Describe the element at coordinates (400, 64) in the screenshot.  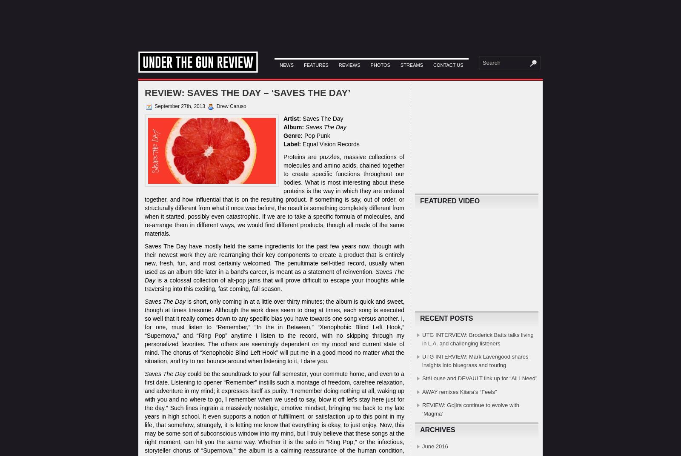
I see `'Streams'` at that location.